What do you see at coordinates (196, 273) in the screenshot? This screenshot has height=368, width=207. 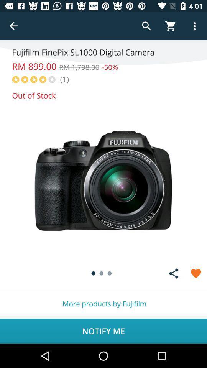 I see `save` at bounding box center [196, 273].